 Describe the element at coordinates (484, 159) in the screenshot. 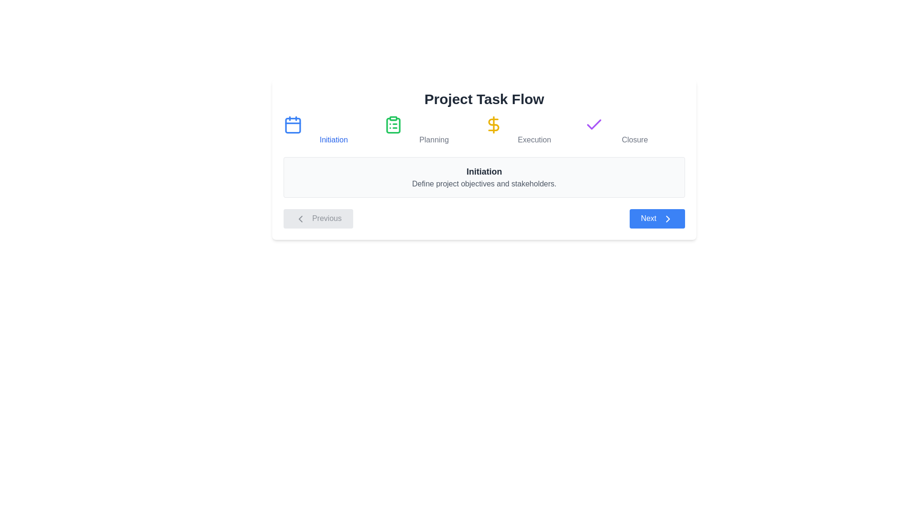

I see `the navigation buttons of the 'Project Task Flow' interactive card, which features a white background, shadowed border, and rounded corners, with a title at the top and four steps below` at that location.